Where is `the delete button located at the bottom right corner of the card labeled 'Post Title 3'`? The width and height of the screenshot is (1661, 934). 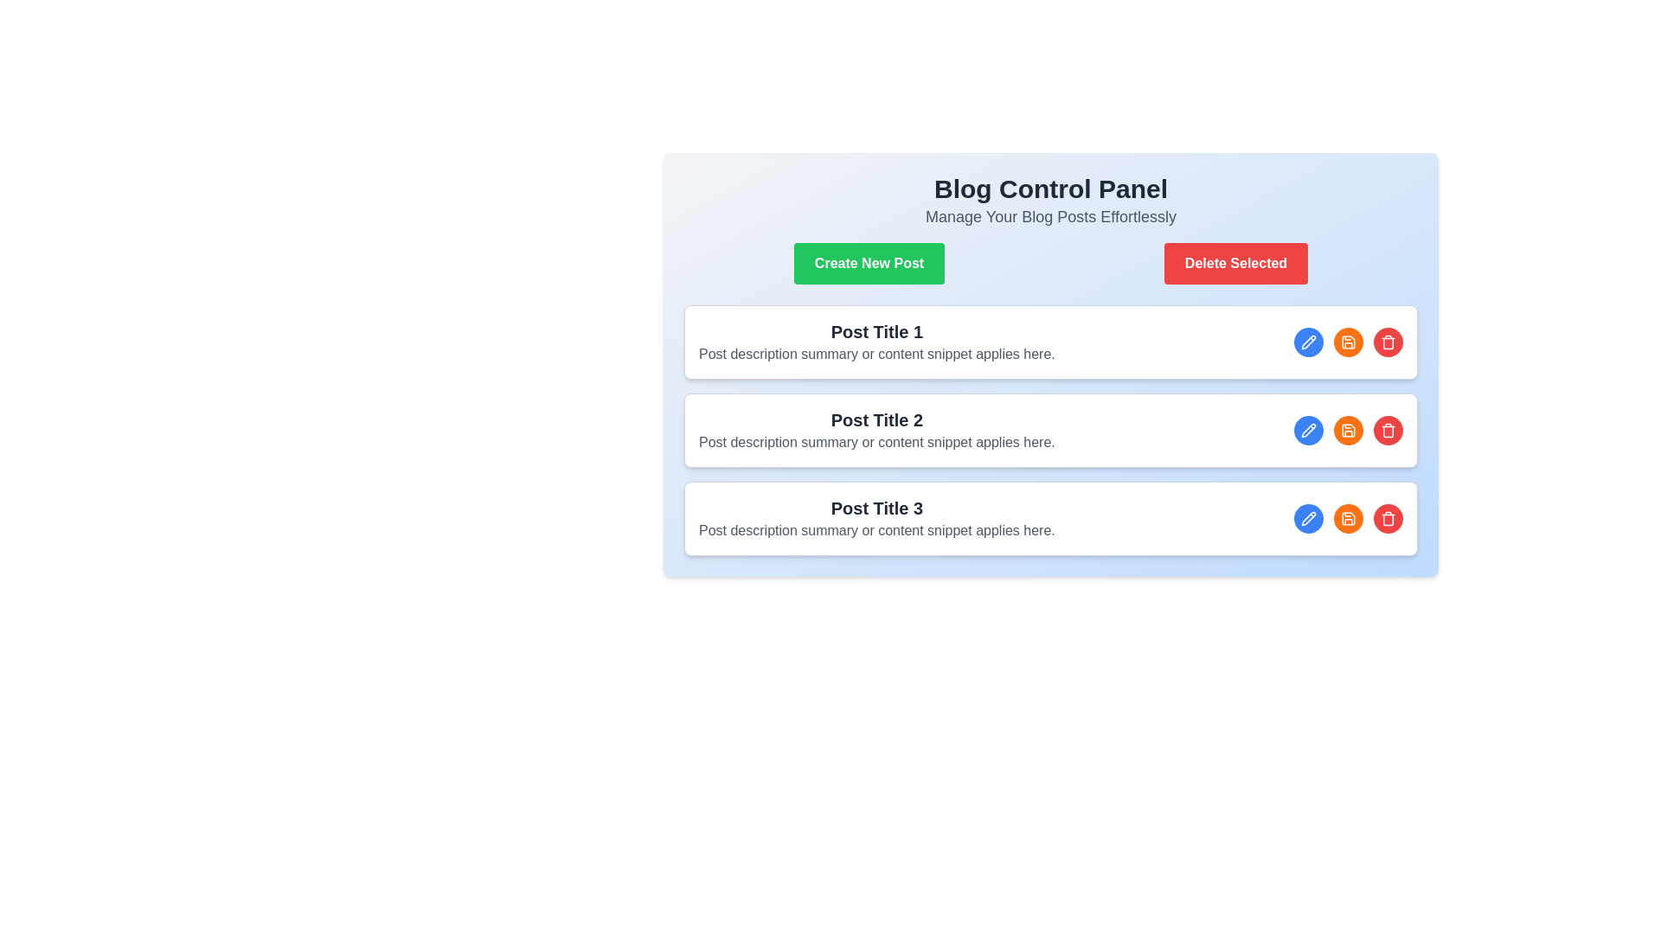
the delete button located at the bottom right corner of the card labeled 'Post Title 3' is located at coordinates (1388, 429).